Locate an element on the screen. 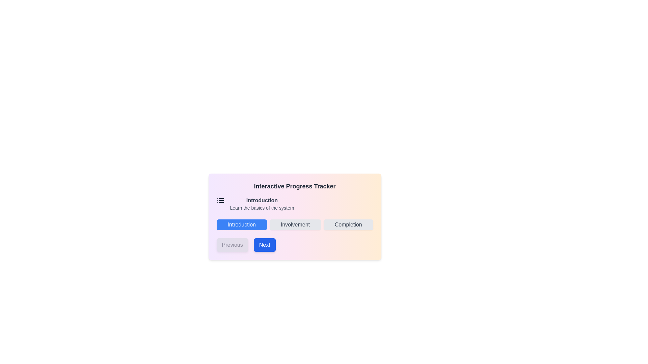  the informational box that introduces a section within the interface, located below the title 'Interactive Progress Tracker' and above the buttons labeled 'Introduction', 'Involvement', and 'Completion' is located at coordinates (295, 204).